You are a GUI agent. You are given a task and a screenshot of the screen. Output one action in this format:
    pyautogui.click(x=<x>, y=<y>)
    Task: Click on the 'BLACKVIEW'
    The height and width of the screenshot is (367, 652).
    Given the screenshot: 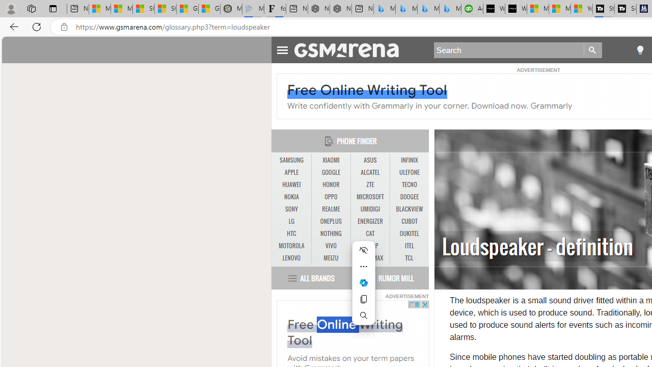 What is the action you would take?
    pyautogui.click(x=409, y=209)
    